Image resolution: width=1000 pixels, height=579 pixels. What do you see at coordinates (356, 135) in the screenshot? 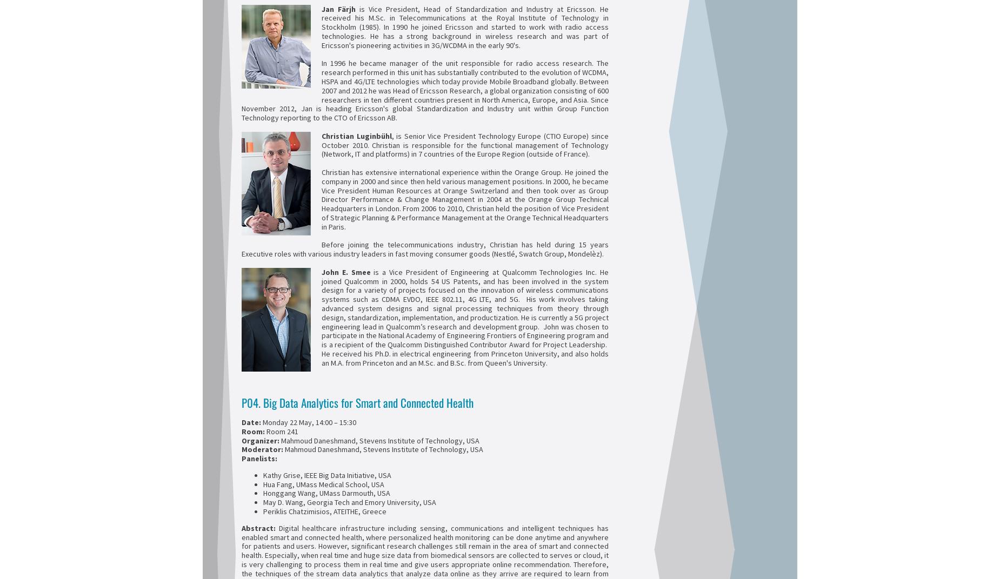
I see `'Christian Luginbühl'` at bounding box center [356, 135].